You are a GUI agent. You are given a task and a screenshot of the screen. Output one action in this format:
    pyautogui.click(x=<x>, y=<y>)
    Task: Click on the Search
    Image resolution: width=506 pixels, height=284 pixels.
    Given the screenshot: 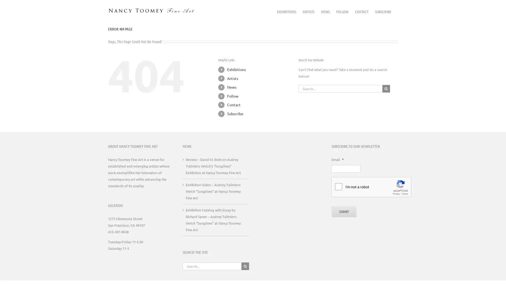 What is the action you would take?
    pyautogui.click(x=386, y=88)
    